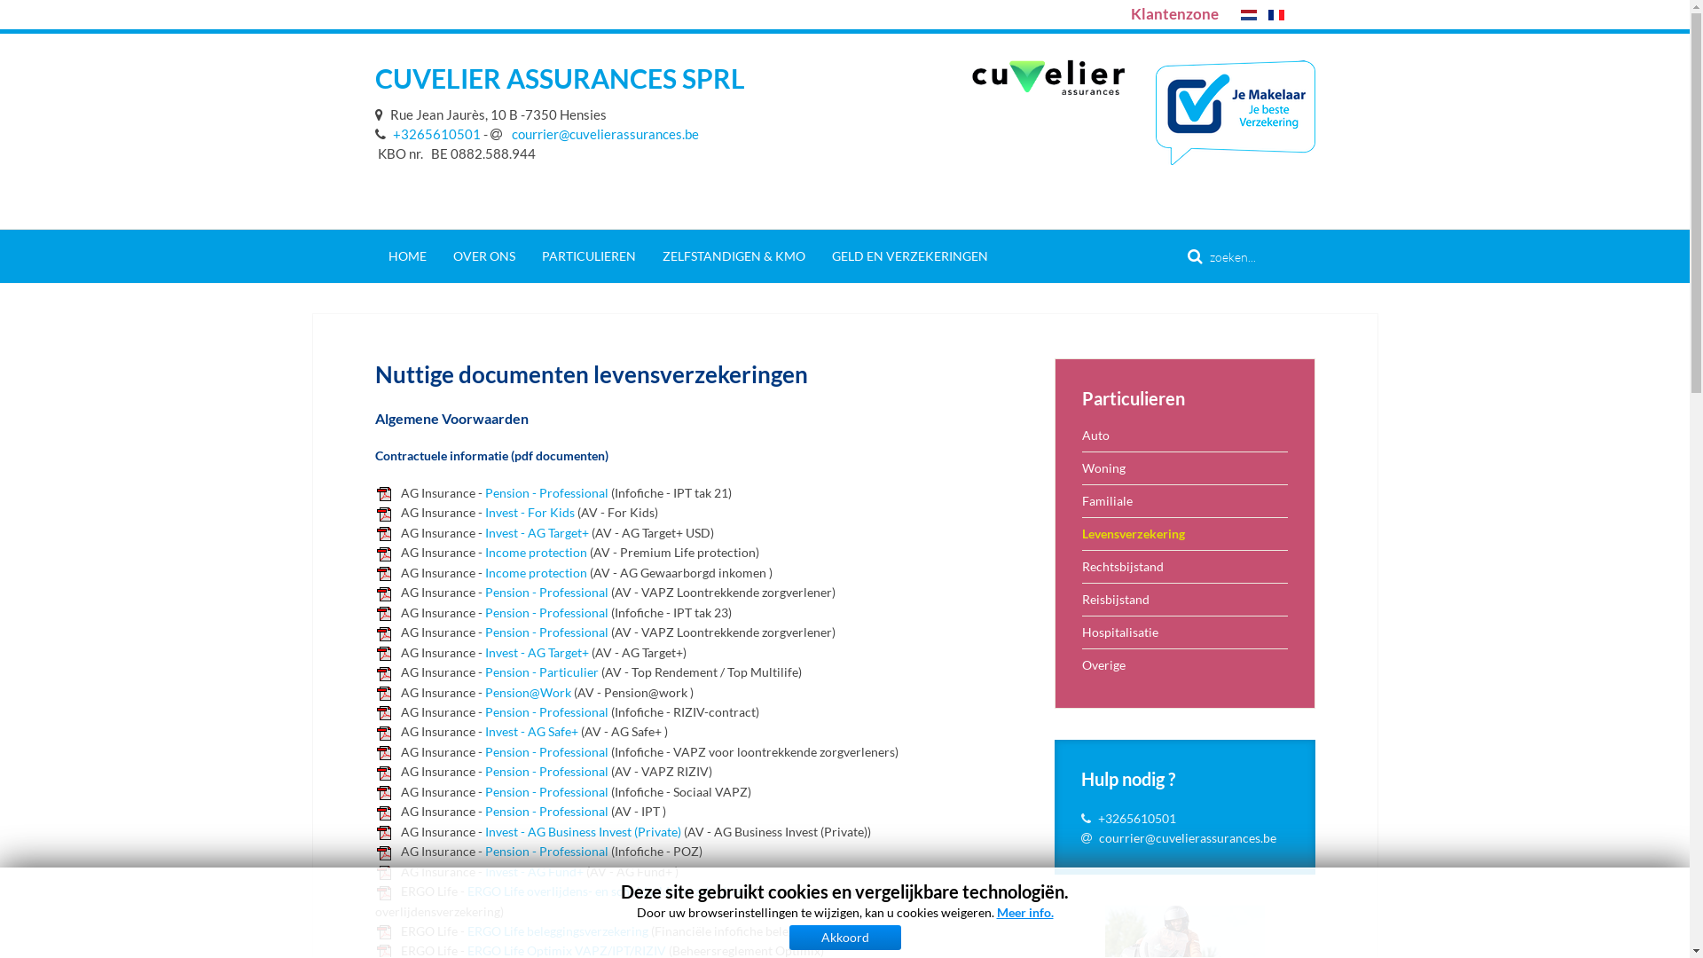  I want to click on 'Invest - AG Fund+', so click(484, 870).